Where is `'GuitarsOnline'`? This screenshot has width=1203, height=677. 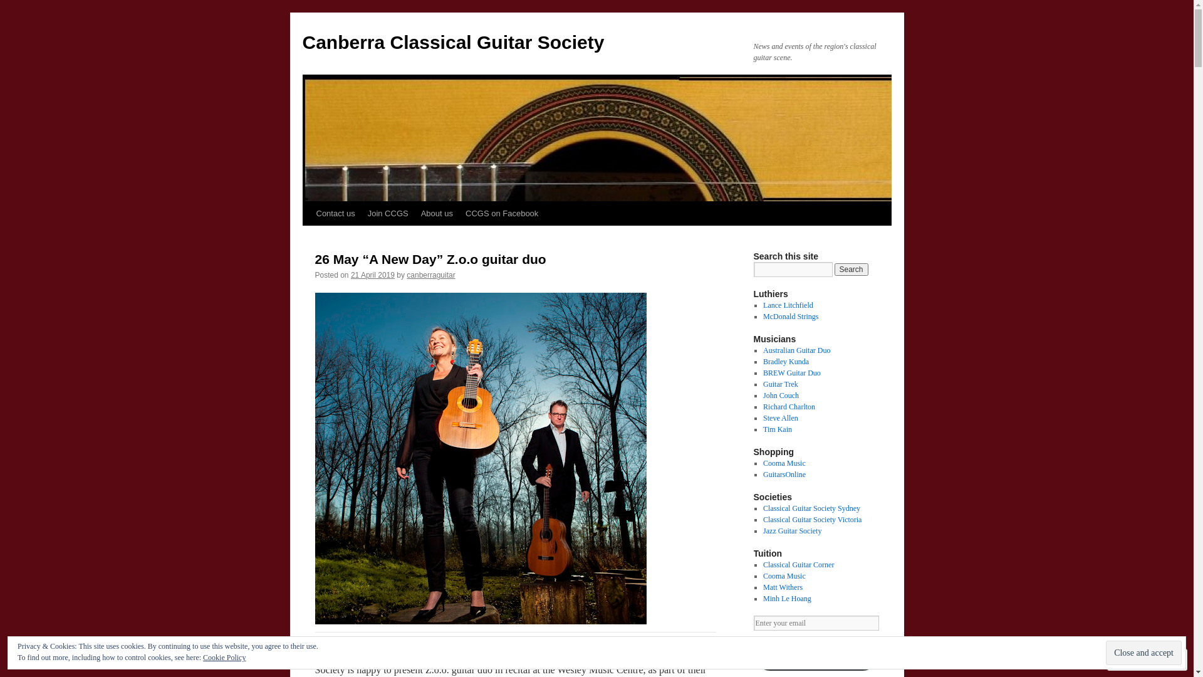 'GuitarsOnline' is located at coordinates (784, 474).